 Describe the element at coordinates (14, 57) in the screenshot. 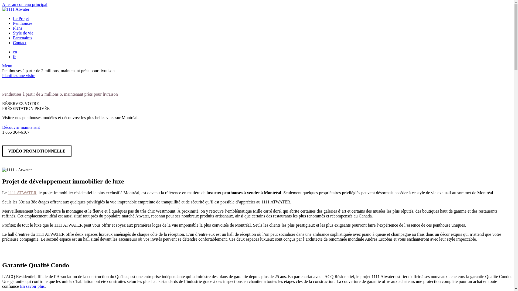

I see `'fr'` at that location.